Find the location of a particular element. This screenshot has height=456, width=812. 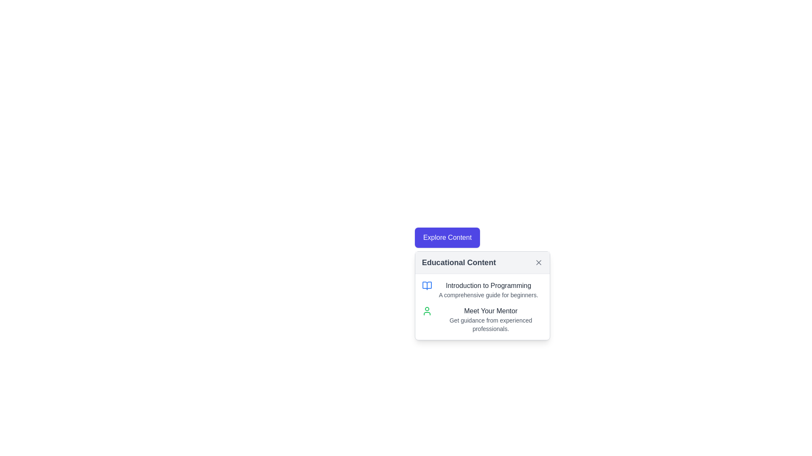

the Text Block that serves as a title and subtitle for educational material, located in the 'Educational Content' panel above the 'Meet Your Mentor' text block is located at coordinates (488, 289).